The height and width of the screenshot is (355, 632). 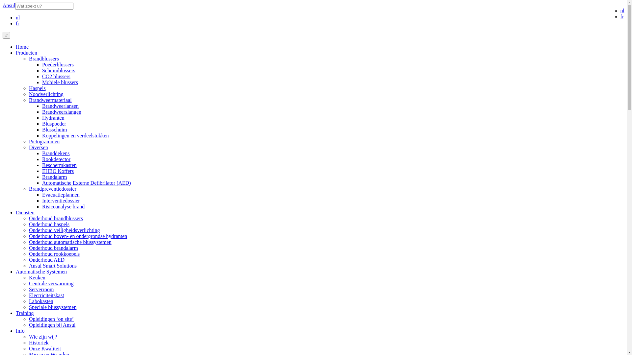 I want to click on 'Opleidingen bij Ansul', so click(x=52, y=324).